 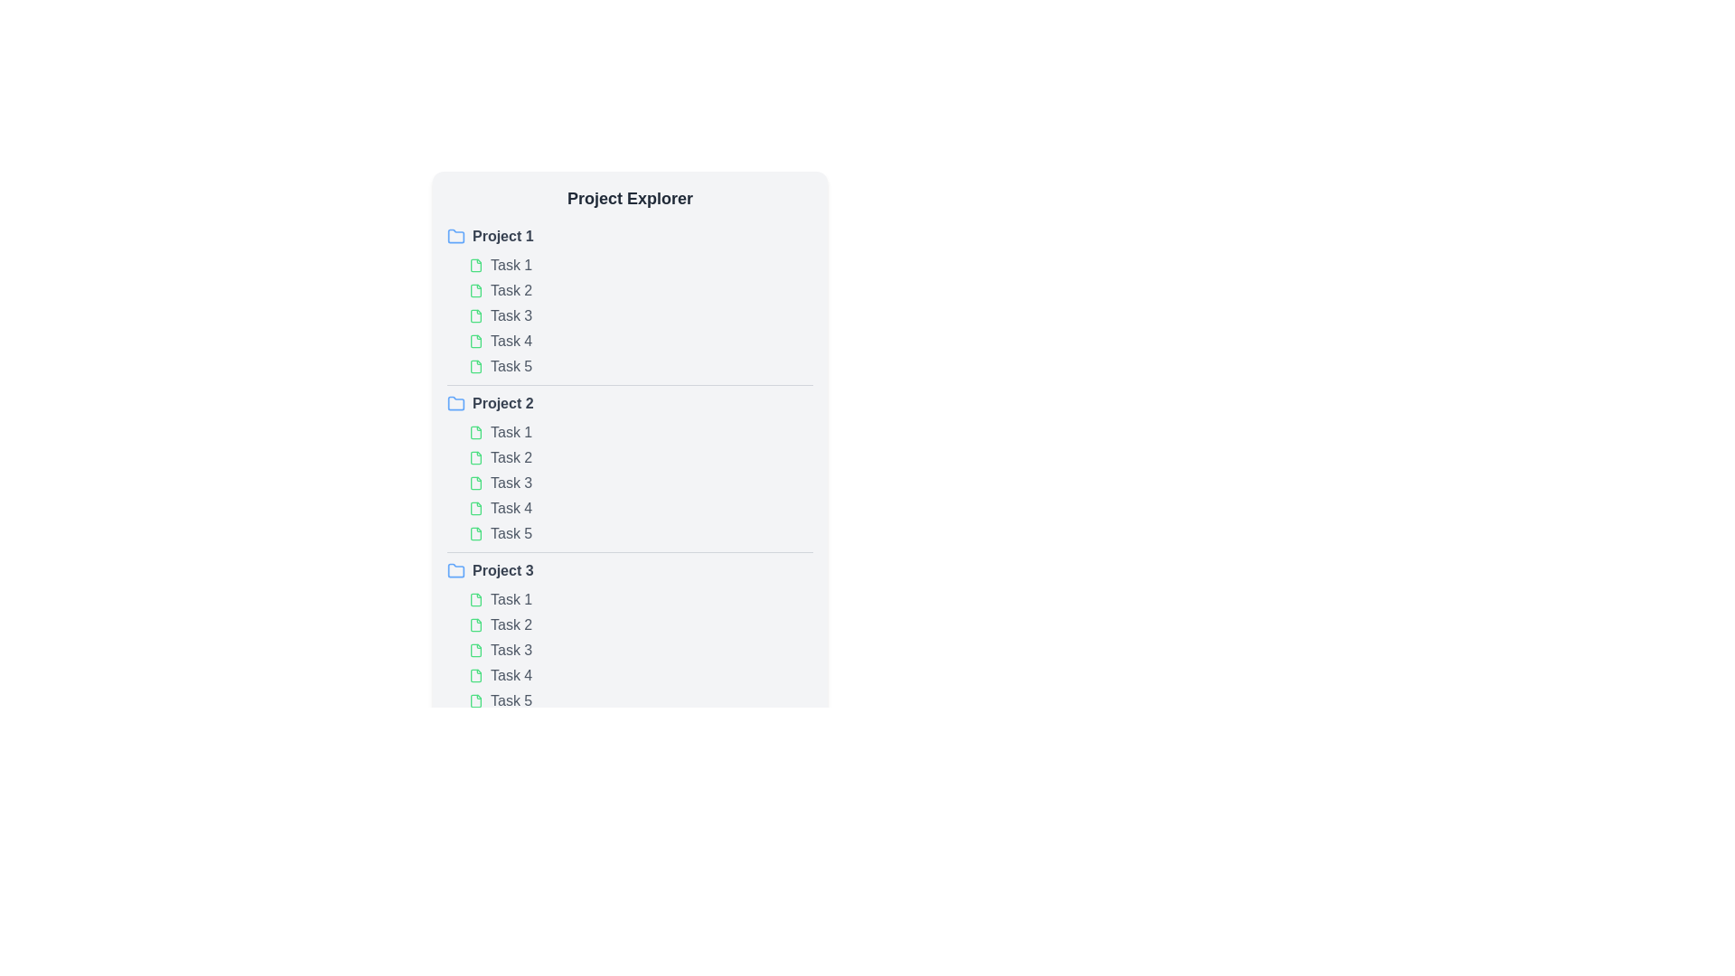 I want to click on the file or document icon representing 'Task 5' located to the left of the text in the 'Project 3' section, so click(x=476, y=699).